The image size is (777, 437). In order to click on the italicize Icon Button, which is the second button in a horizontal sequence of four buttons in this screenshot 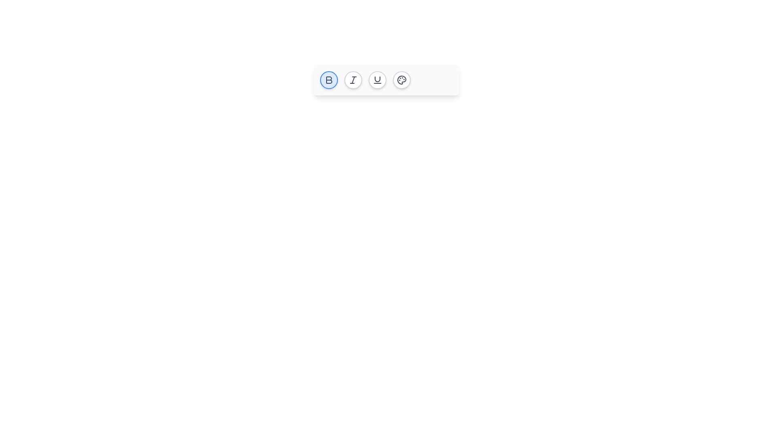, I will do `click(353, 80)`.